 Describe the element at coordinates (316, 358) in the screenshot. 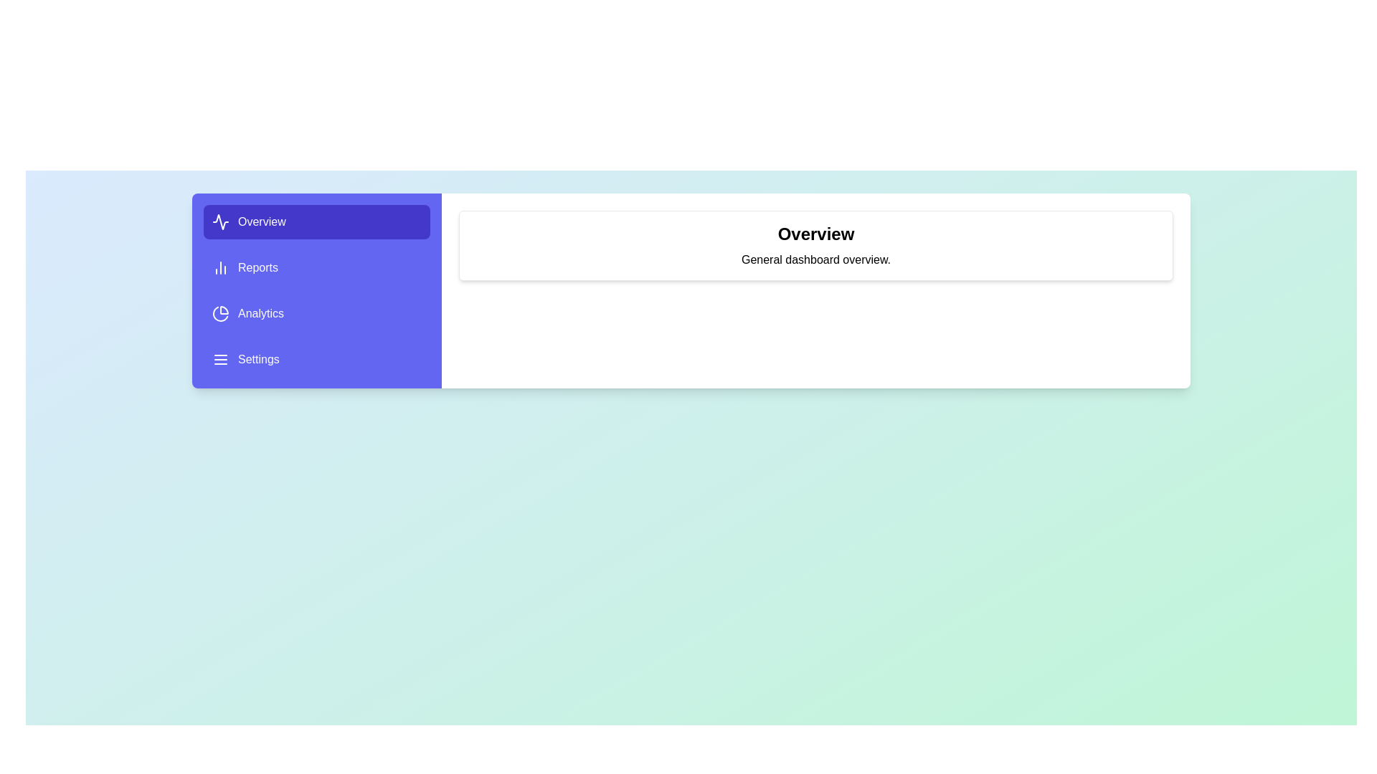

I see `the menu item labeled Settings` at that location.